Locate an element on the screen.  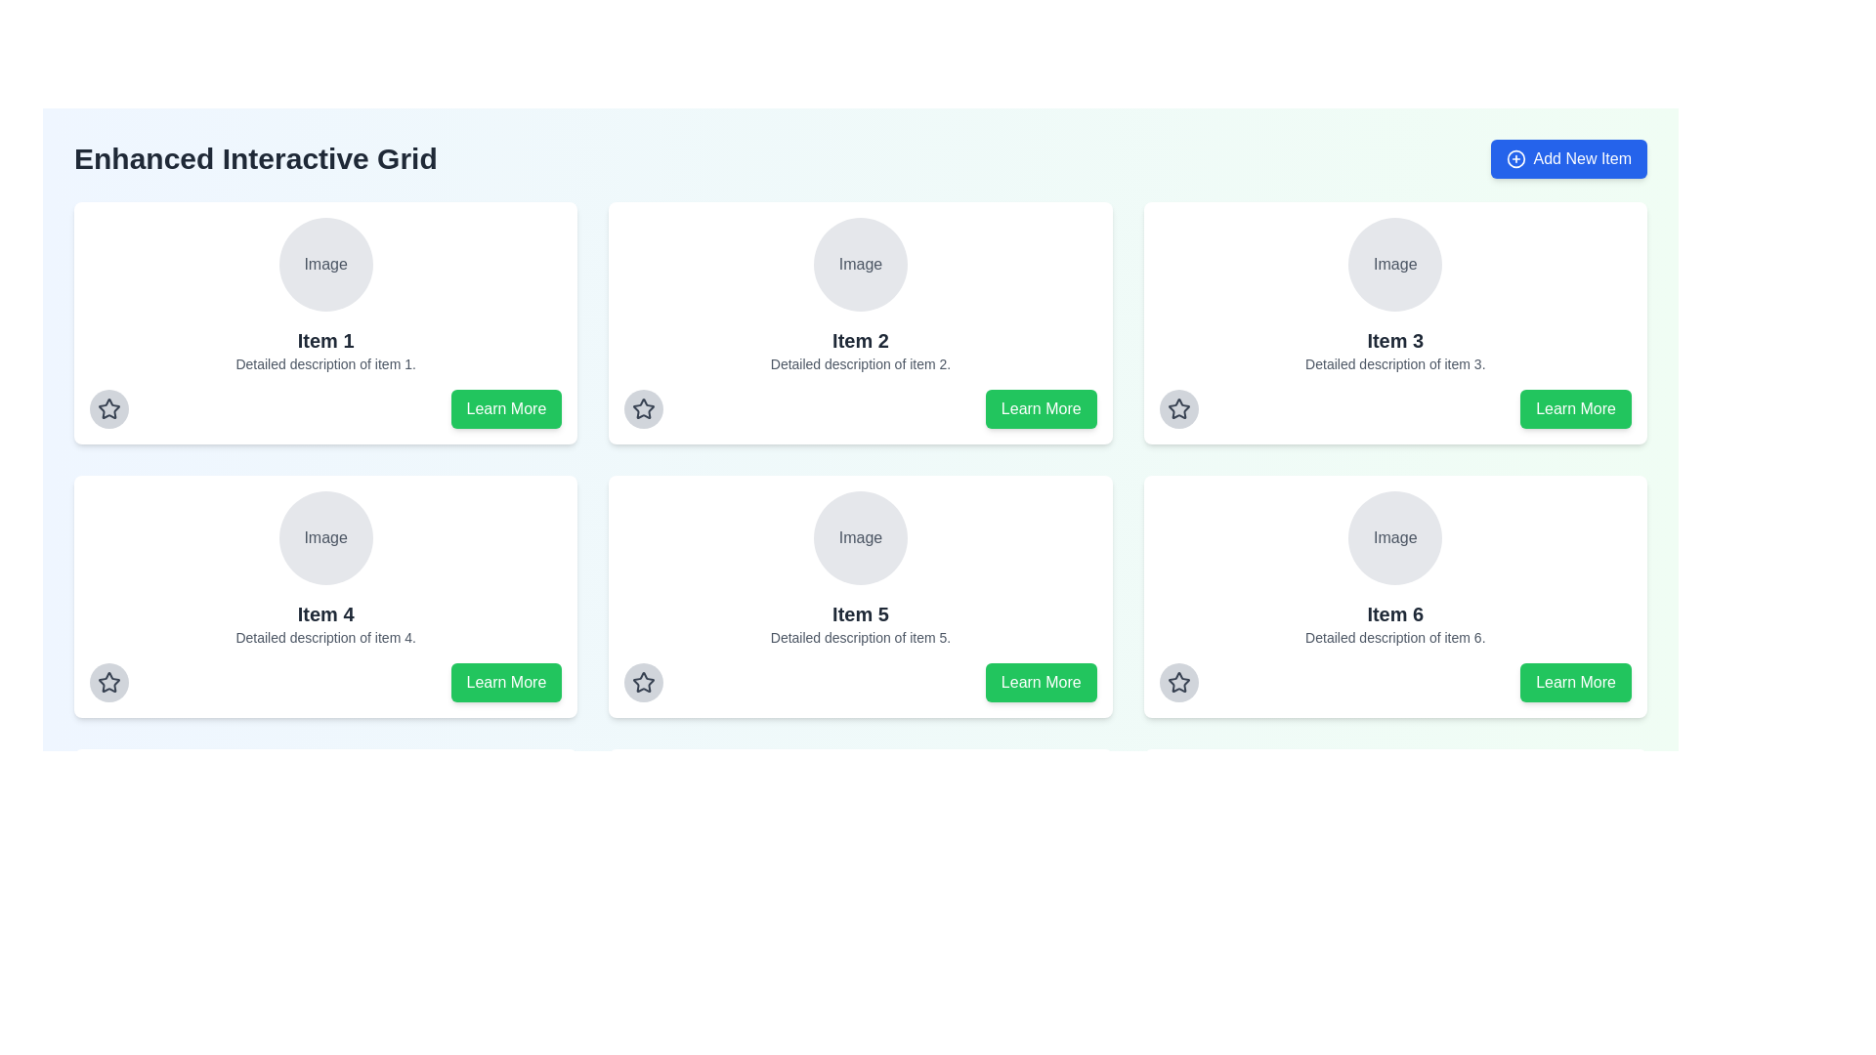
the star icon located in the bottom-left corner of the card labeled 'Item 5' is located at coordinates (644, 681).